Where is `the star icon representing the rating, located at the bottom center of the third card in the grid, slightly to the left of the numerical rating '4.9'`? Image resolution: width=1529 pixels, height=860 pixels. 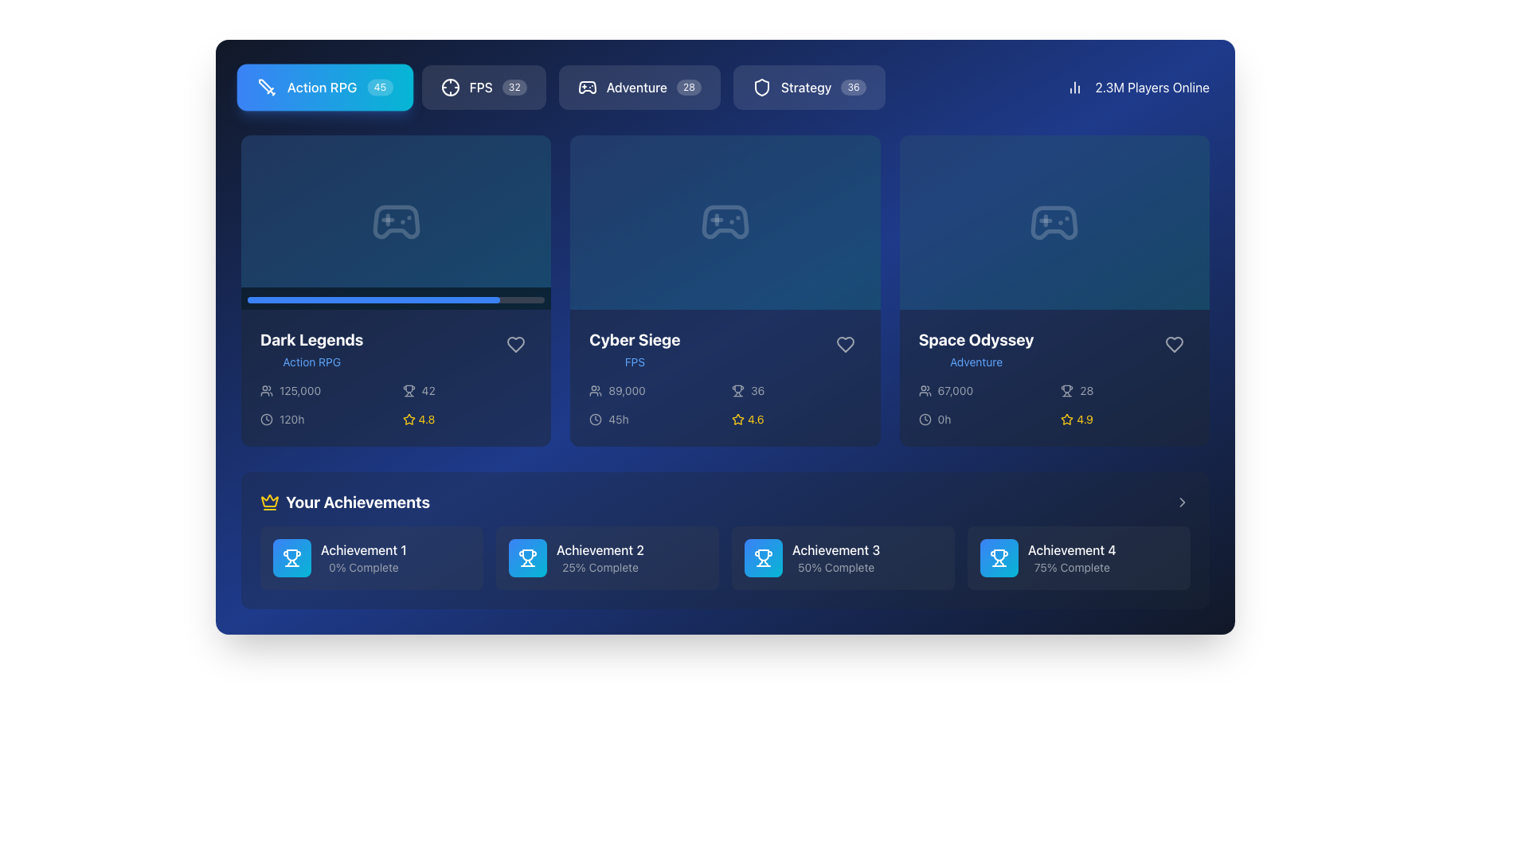
the star icon representing the rating, located at the bottom center of the third card in the grid, slightly to the left of the numerical rating '4.9' is located at coordinates (1067, 419).